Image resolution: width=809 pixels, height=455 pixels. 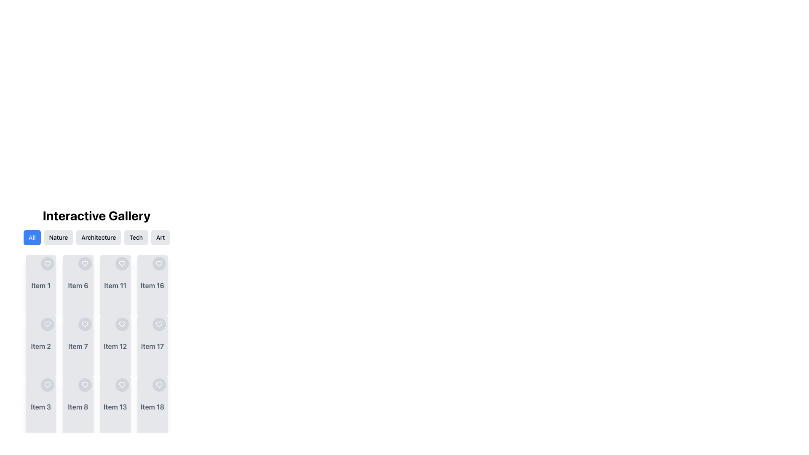 What do you see at coordinates (121, 385) in the screenshot?
I see `the circular button with a heart-shaped icon located` at bounding box center [121, 385].